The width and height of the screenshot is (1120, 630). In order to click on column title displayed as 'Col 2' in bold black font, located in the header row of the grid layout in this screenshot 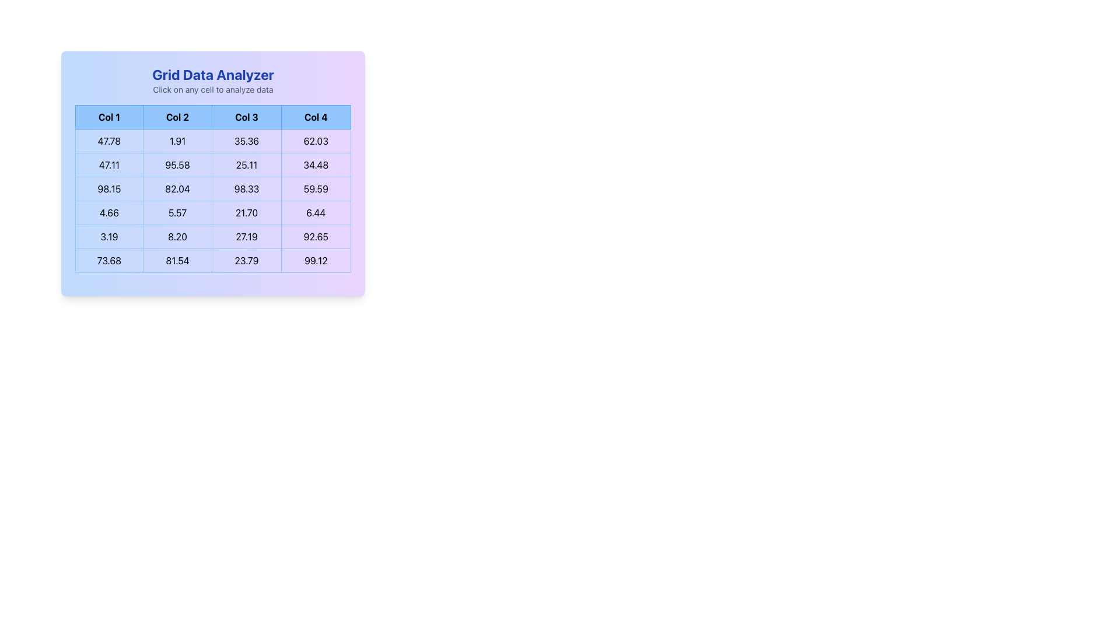, I will do `click(177, 117)`.